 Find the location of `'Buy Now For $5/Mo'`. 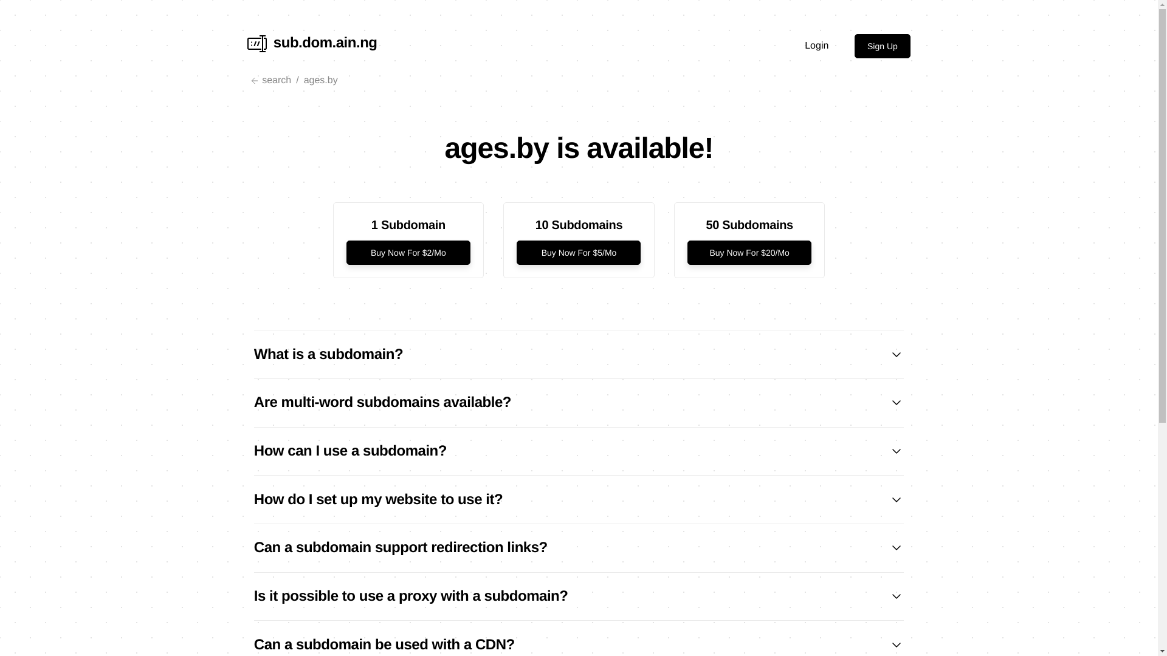

'Buy Now For $5/Mo' is located at coordinates (577, 252).